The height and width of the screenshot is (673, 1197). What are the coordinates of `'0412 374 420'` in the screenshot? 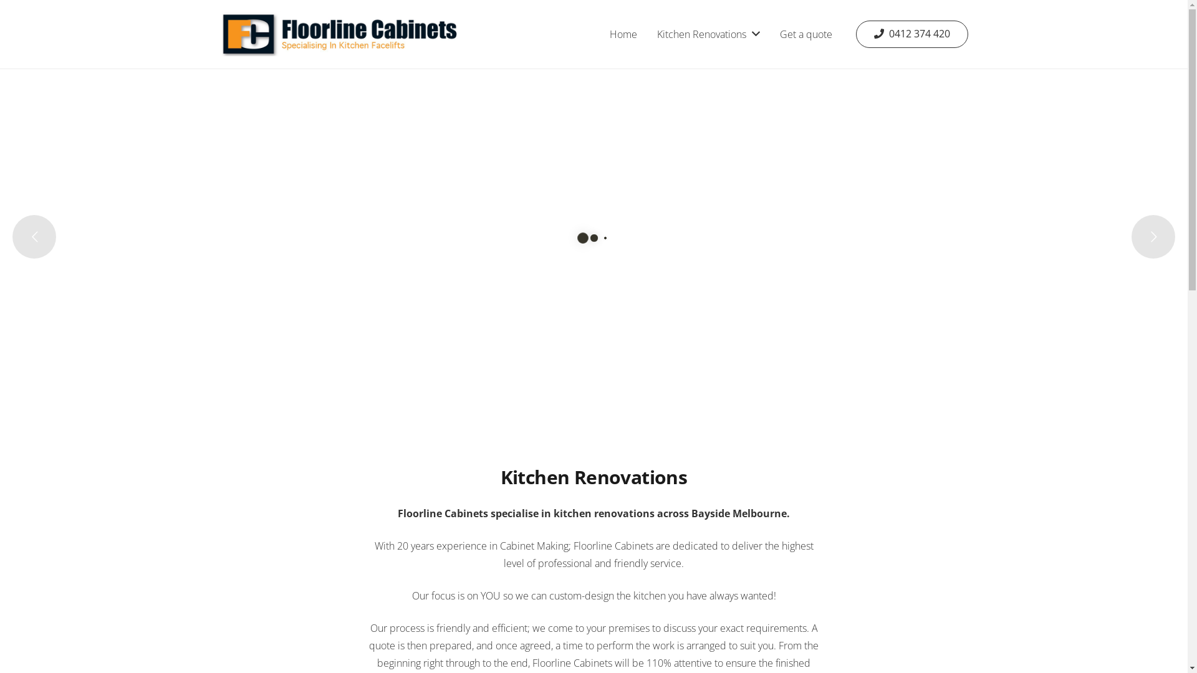 It's located at (912, 34).